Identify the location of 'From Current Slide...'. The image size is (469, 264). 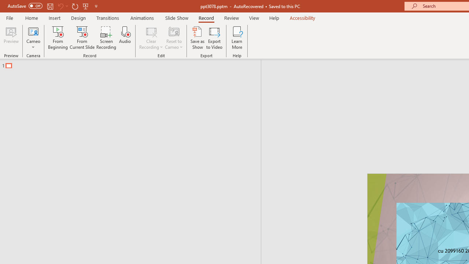
(82, 38).